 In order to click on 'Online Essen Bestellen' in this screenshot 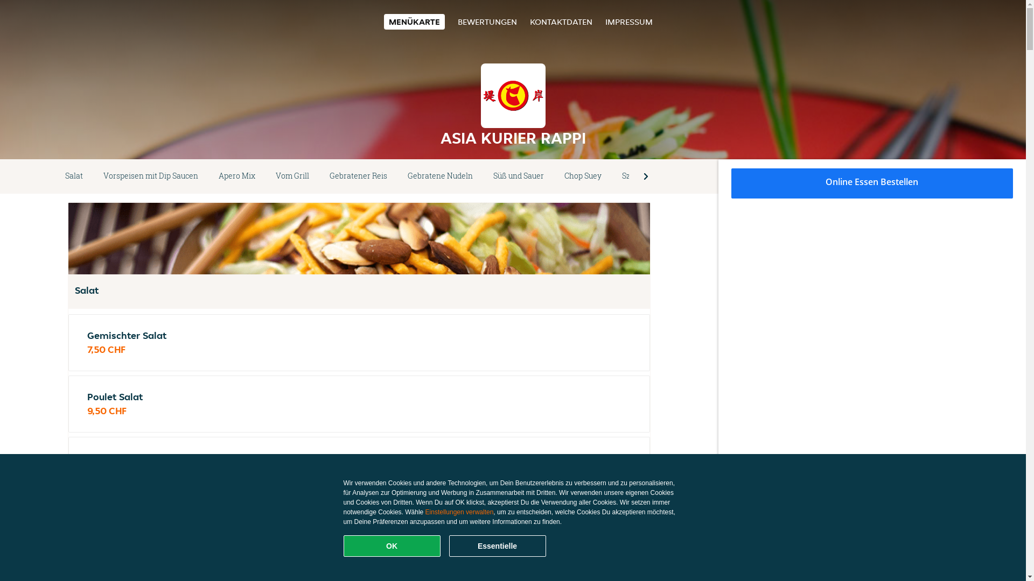, I will do `click(872, 182)`.